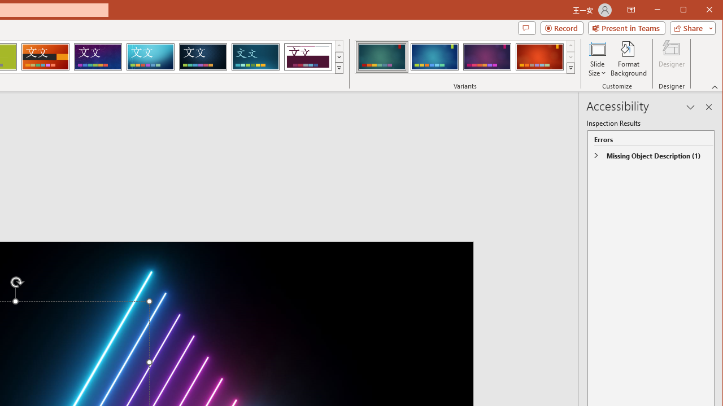 The height and width of the screenshot is (406, 723). What do you see at coordinates (338, 68) in the screenshot?
I see `'Themes'` at bounding box center [338, 68].